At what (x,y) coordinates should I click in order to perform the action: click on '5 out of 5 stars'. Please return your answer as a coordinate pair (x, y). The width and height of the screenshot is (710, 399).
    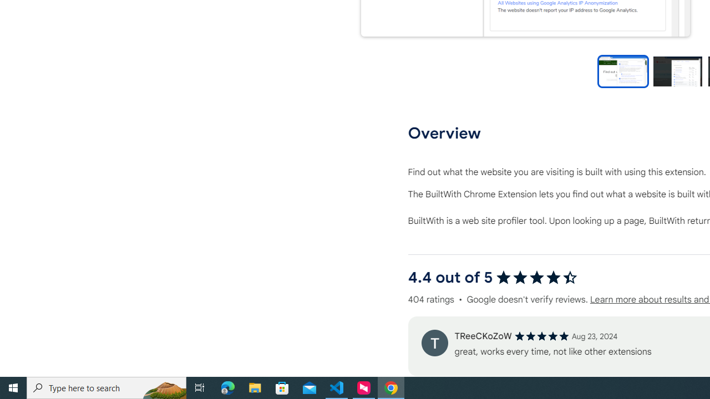
    Looking at the image, I should click on (541, 335).